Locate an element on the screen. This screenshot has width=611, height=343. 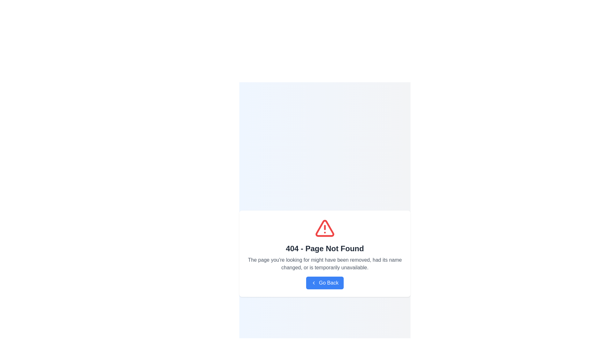
the left-facing chevron icon located within the 'Go Back' button is located at coordinates (314, 283).